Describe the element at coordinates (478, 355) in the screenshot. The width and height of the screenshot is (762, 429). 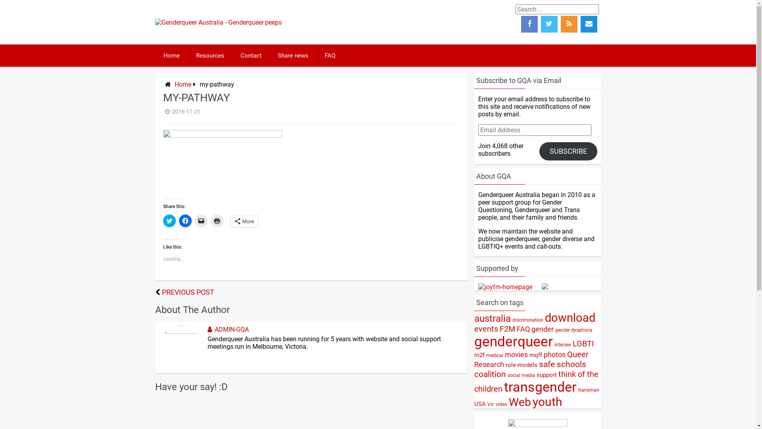
I see `'m2f'` at that location.